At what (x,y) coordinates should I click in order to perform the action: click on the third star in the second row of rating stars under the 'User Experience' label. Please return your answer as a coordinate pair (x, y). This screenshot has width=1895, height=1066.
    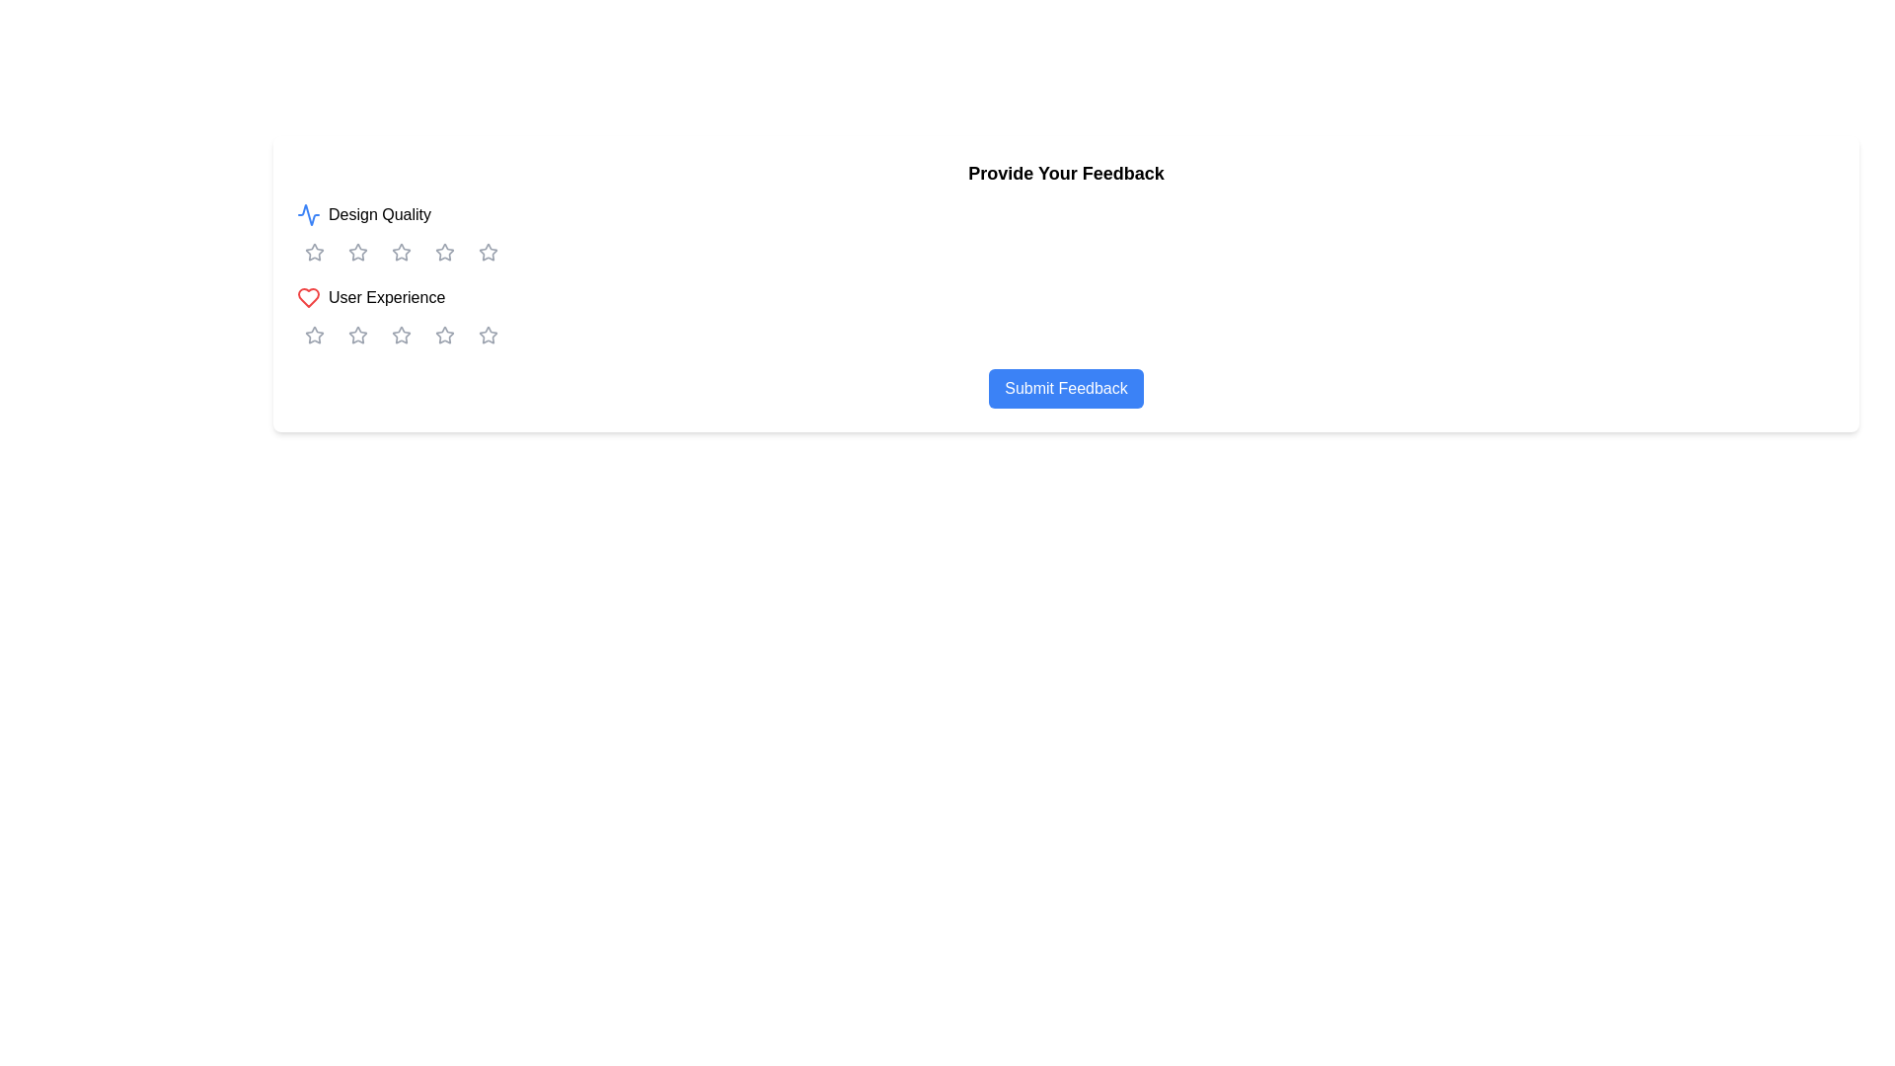
    Looking at the image, I should click on (401, 334).